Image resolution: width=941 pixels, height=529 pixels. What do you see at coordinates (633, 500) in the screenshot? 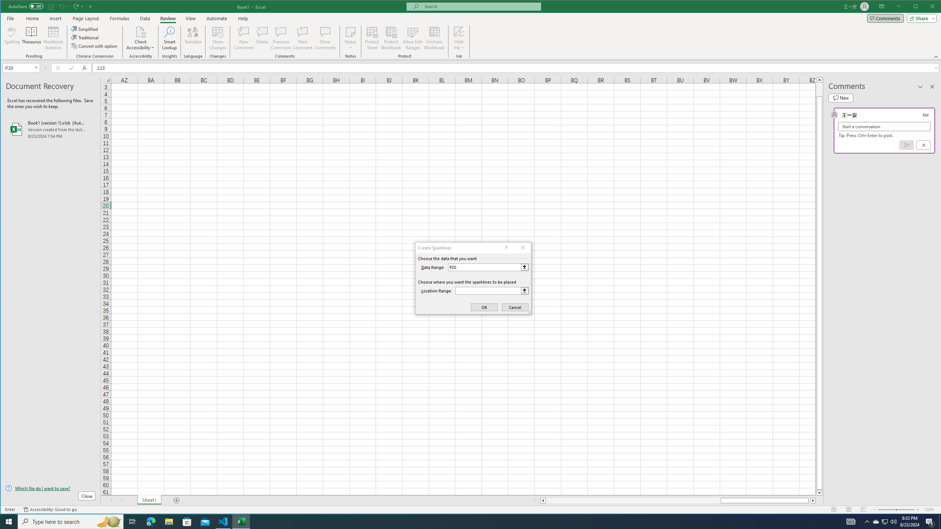
I see `'Page left'` at bounding box center [633, 500].